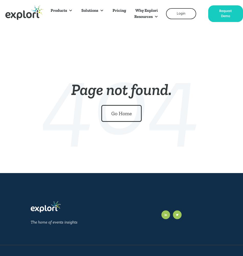  What do you see at coordinates (181, 13) in the screenshot?
I see `'Login'` at bounding box center [181, 13].